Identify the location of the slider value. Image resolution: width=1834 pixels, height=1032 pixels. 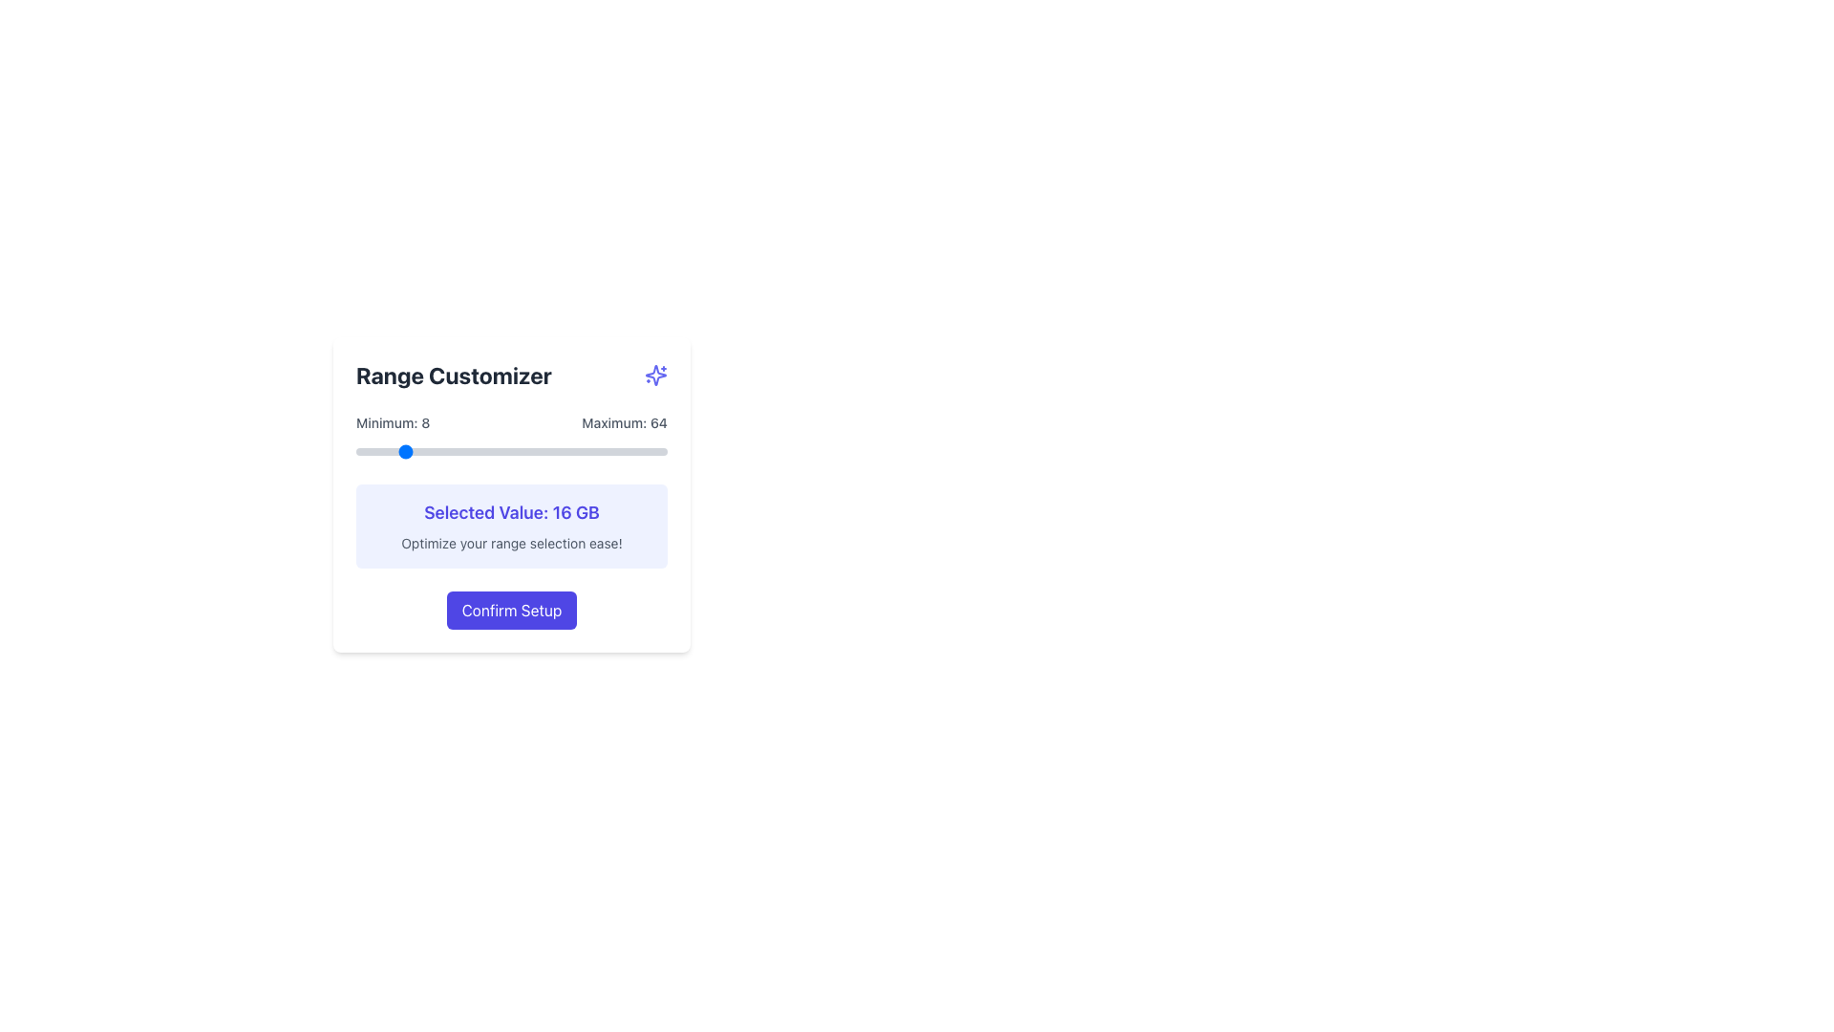
(416, 452).